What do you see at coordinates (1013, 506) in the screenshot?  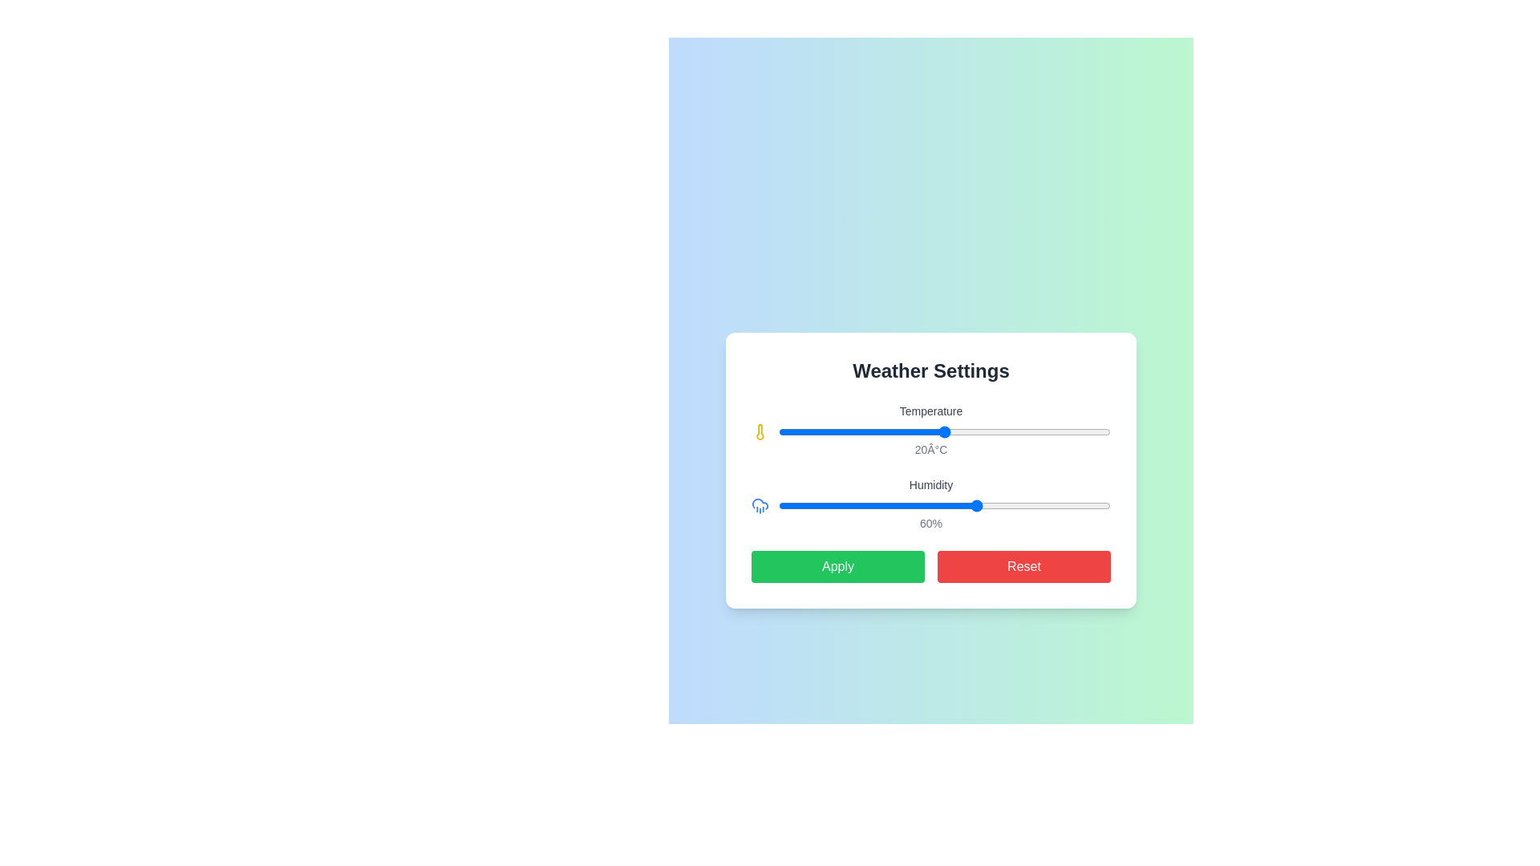 I see `humidity` at bounding box center [1013, 506].